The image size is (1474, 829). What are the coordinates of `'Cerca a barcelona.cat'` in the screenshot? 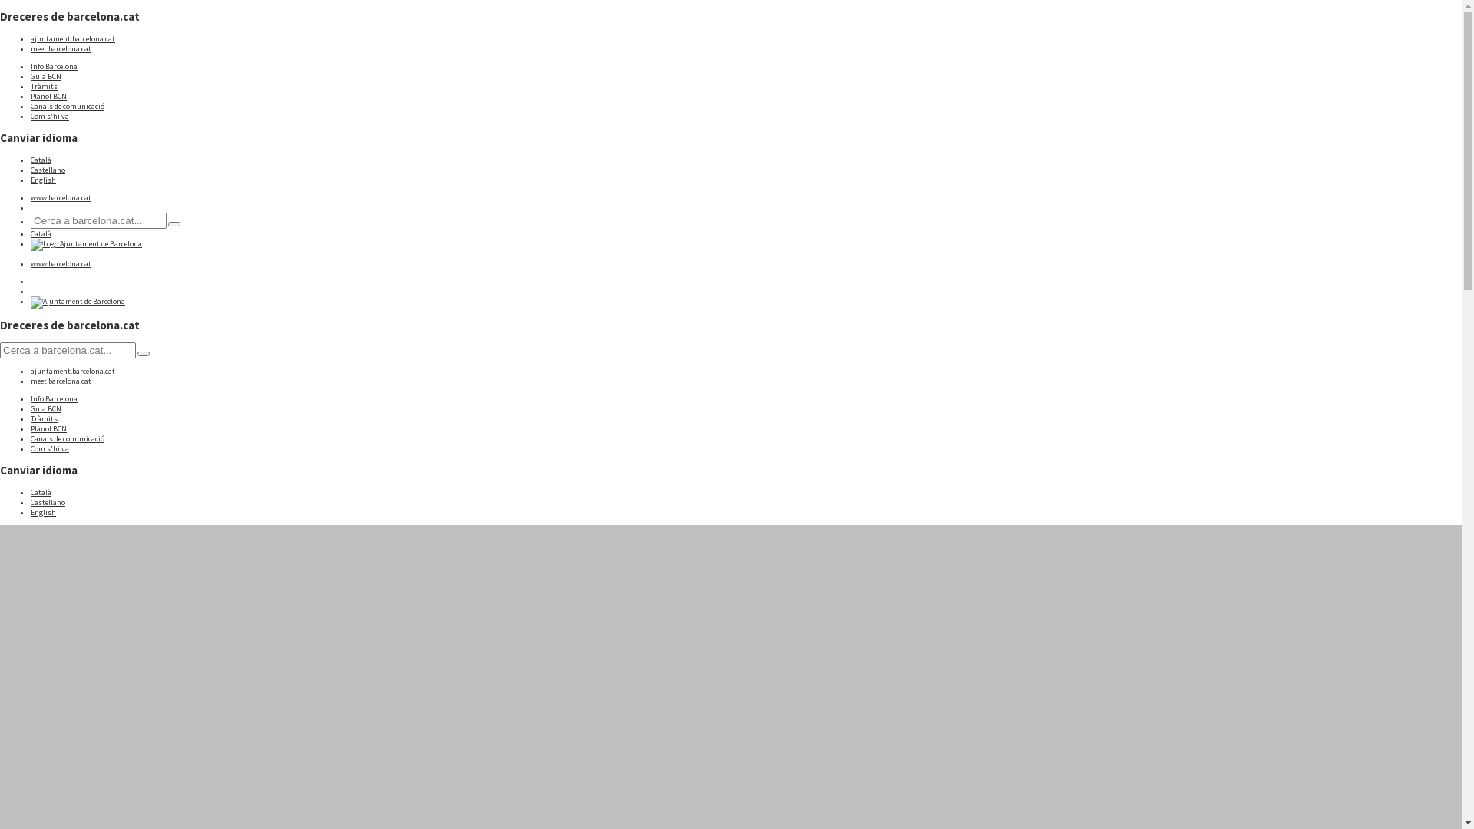 It's located at (144, 354).